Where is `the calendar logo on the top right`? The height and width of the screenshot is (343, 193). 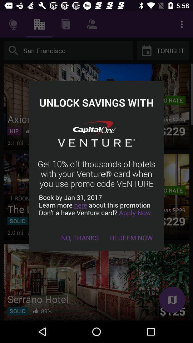
the calendar logo on the top right is located at coordinates (146, 50).